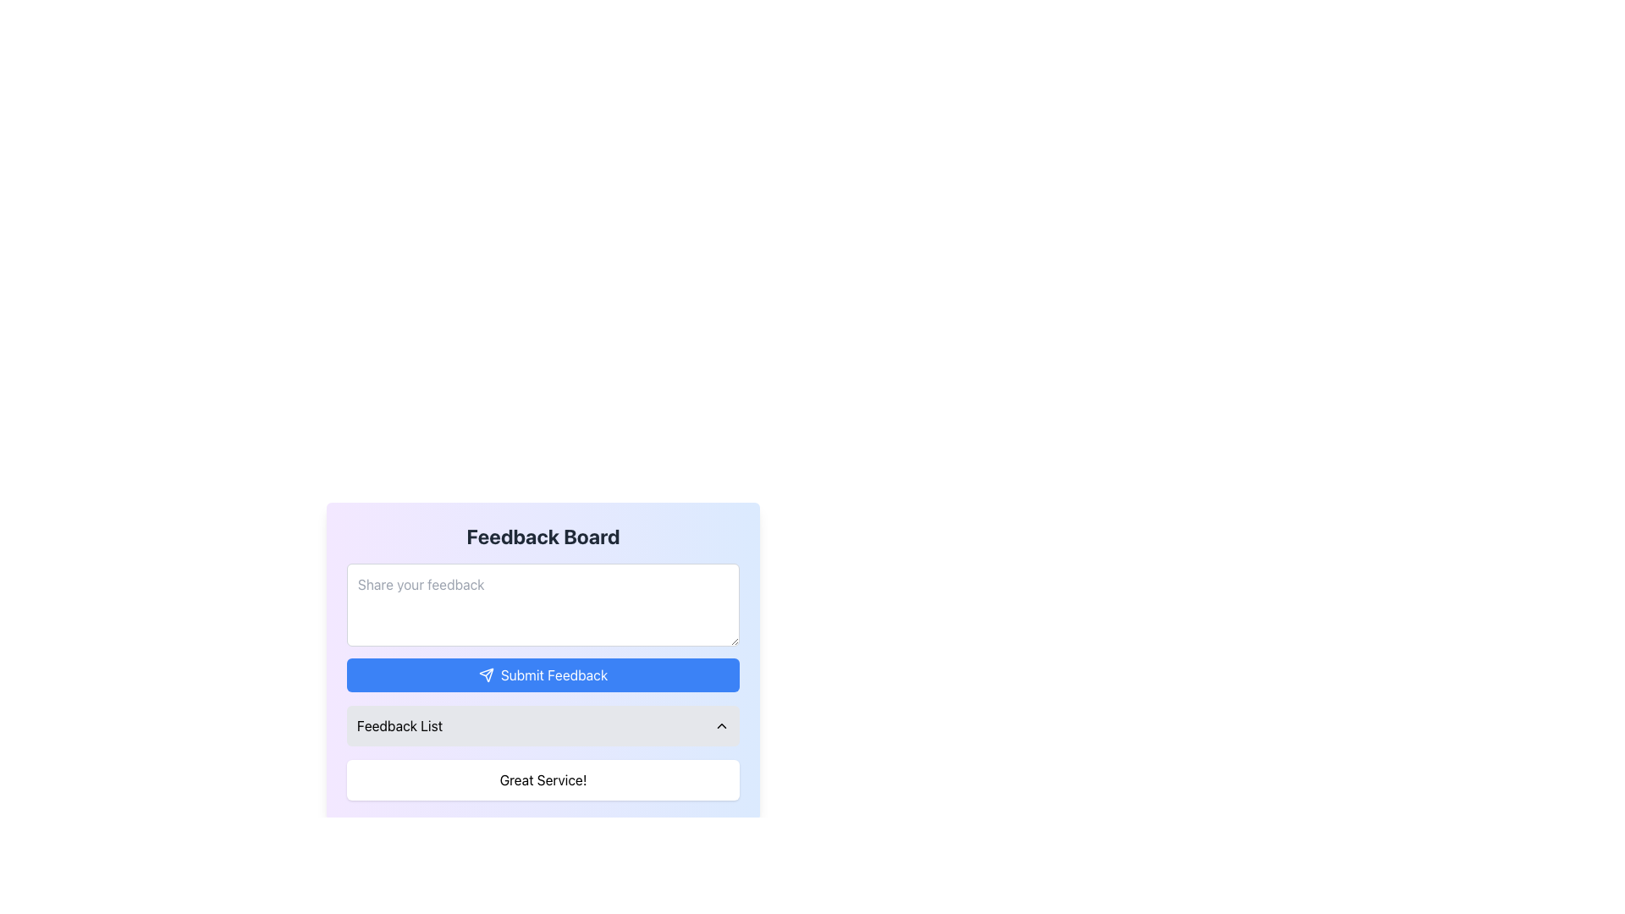 The height and width of the screenshot is (914, 1625). What do you see at coordinates (485, 674) in the screenshot?
I see `the 'Submit Feedback' button which contains a small paper plane icon on its left side` at bounding box center [485, 674].